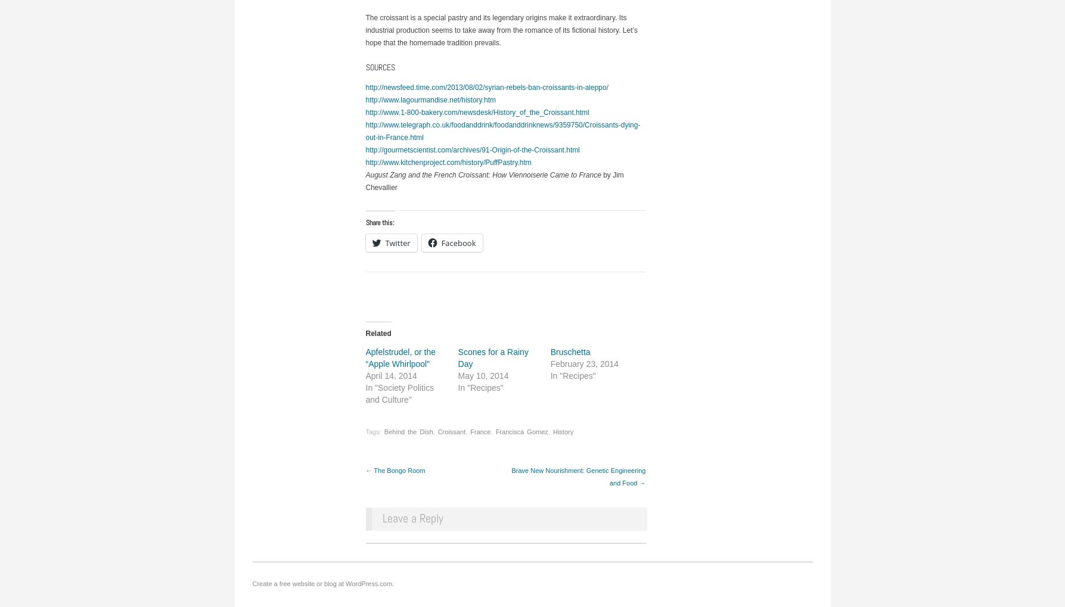 The height and width of the screenshot is (607, 1065). What do you see at coordinates (377, 333) in the screenshot?
I see `'Related'` at bounding box center [377, 333].